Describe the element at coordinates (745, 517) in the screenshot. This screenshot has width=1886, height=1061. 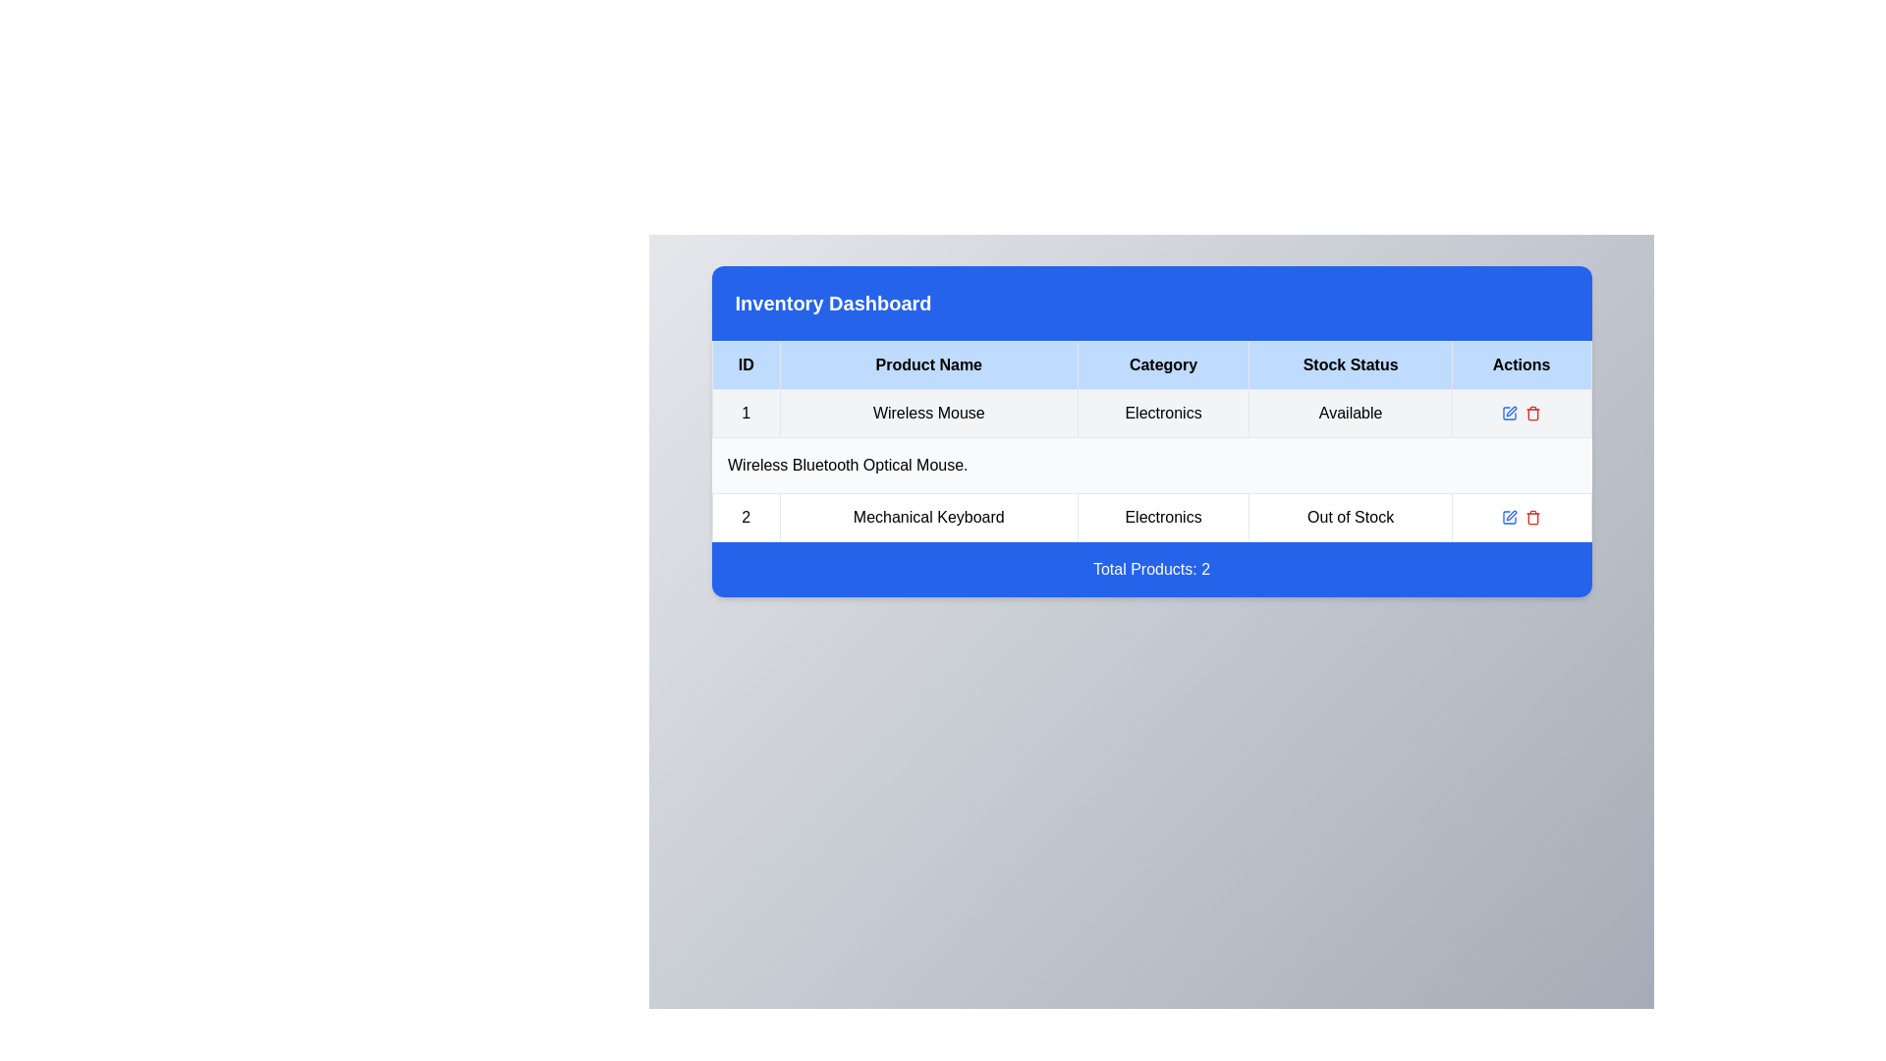
I see `the static text display field that identifies the entry 'Mechanical Keyboard' located in the second row of the tabular data display under the 'ID' column` at that location.